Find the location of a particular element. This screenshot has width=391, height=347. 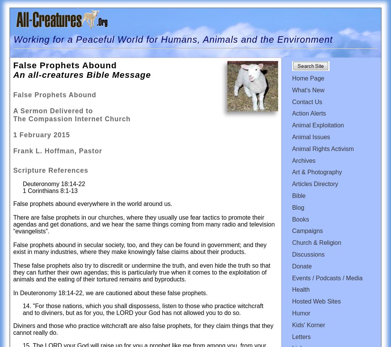

'Books' is located at coordinates (291, 219).